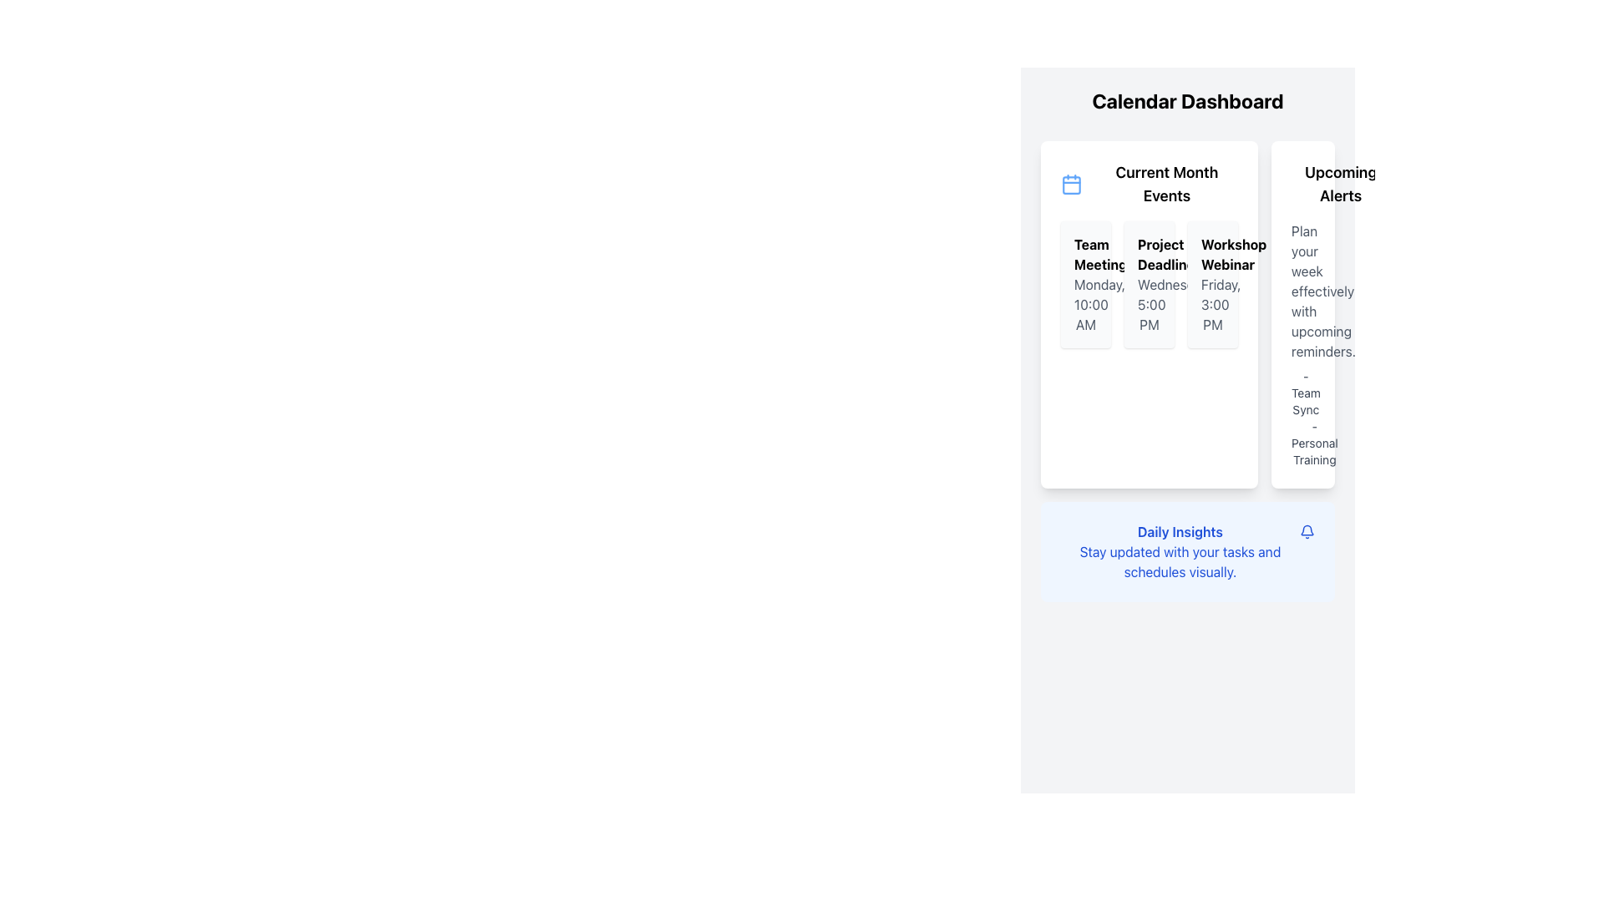  What do you see at coordinates (1301, 183) in the screenshot?
I see `the hollow circular icon with a black stroke located in the 'Upcoming Alerts' section on the right side of the dashboard` at bounding box center [1301, 183].